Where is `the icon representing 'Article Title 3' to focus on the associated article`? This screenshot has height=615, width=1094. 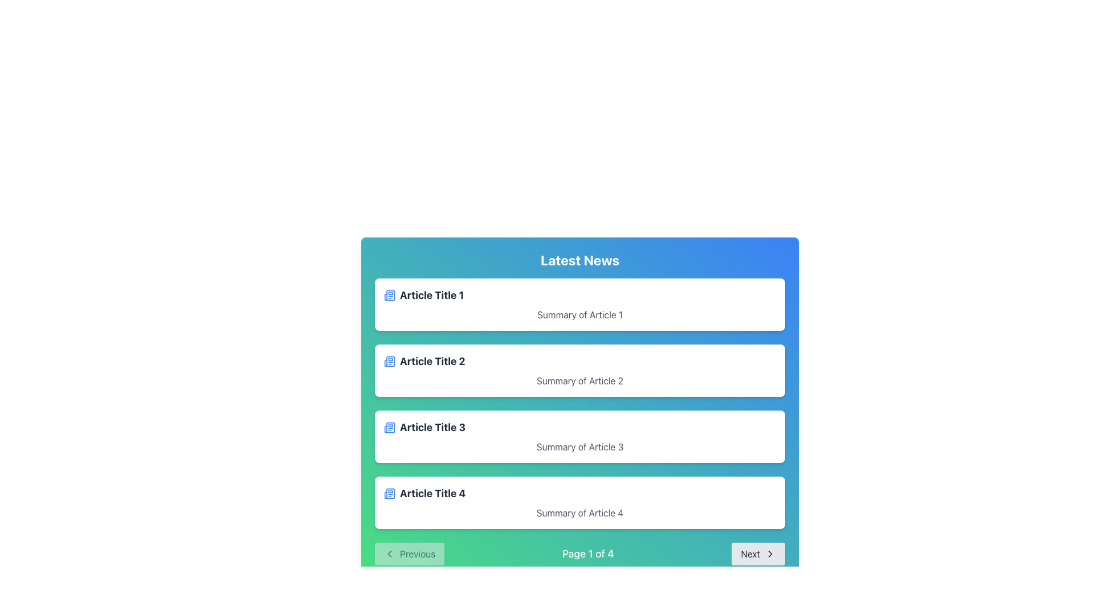
the icon representing 'Article Title 3' to focus on the associated article is located at coordinates (390, 428).